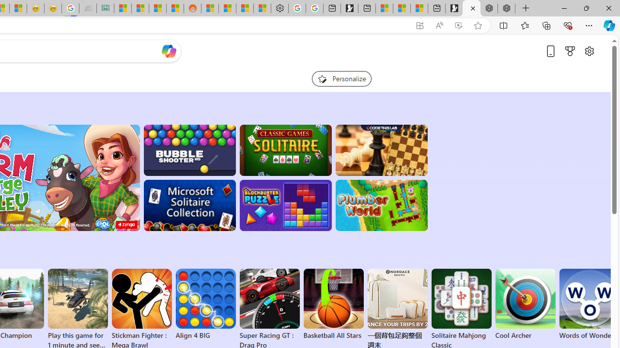 The image size is (620, 348). What do you see at coordinates (205, 304) in the screenshot?
I see `'Align 4 BIG'` at bounding box center [205, 304].